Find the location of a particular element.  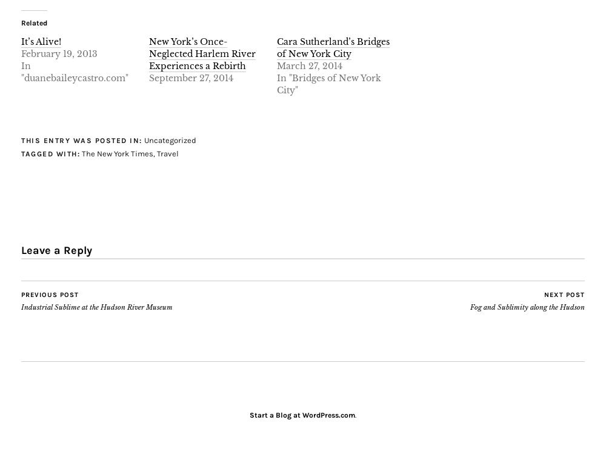

'Industrial Sublime at the Hudson River Museum' is located at coordinates (21, 307).